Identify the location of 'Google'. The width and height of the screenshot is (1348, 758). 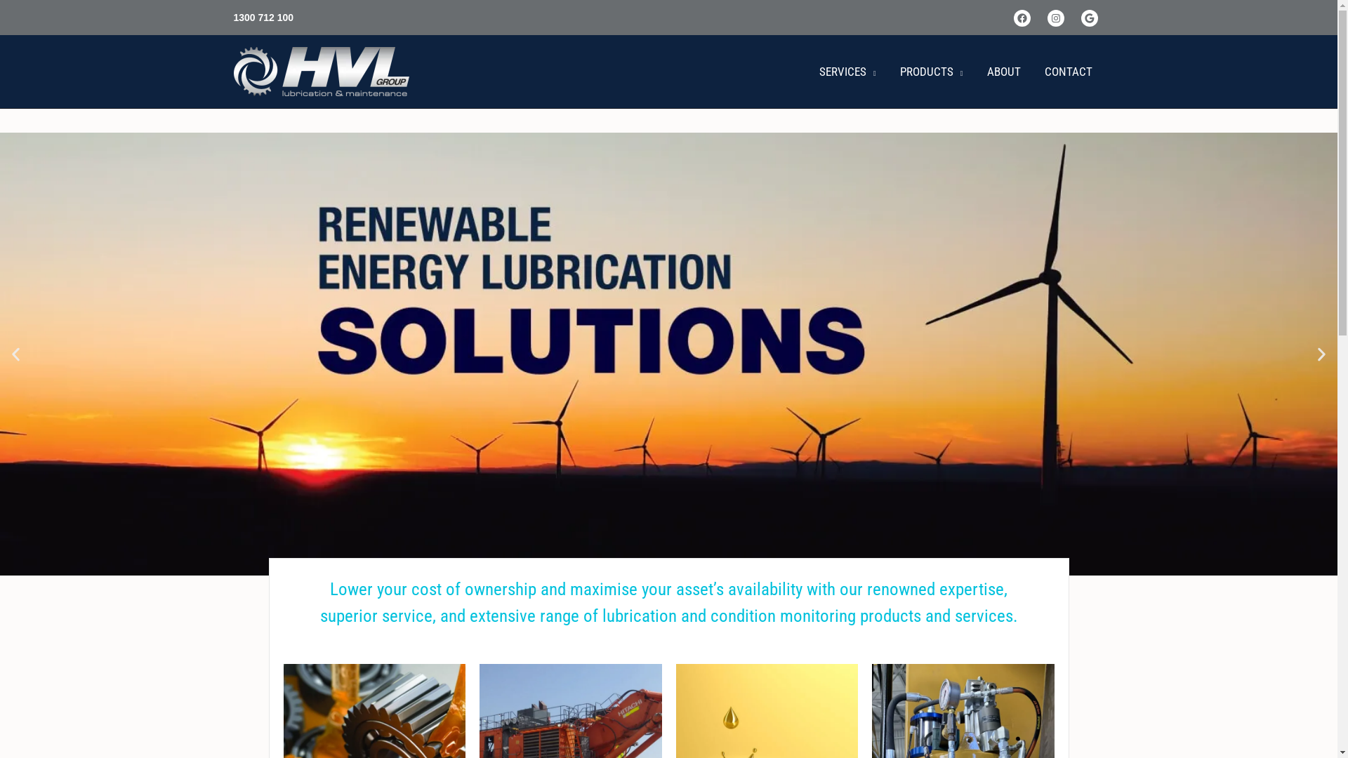
(1081, 18).